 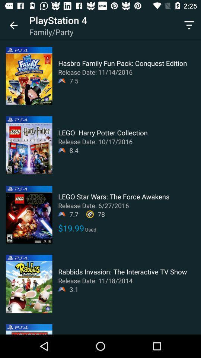 I want to click on the icon above hasbro family fun, so click(x=189, y=25).